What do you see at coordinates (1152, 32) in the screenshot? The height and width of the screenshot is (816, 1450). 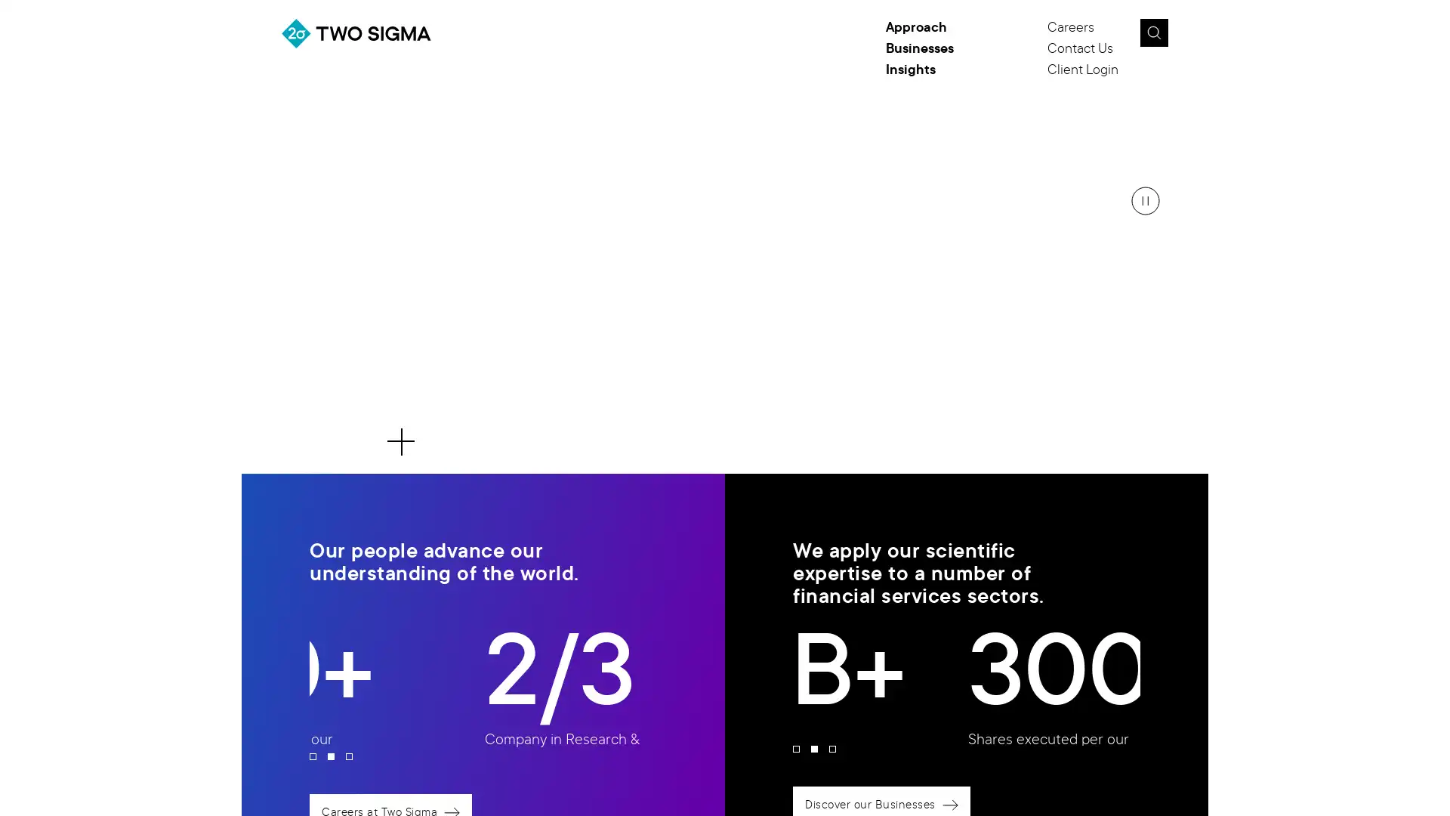 I see `Search` at bounding box center [1152, 32].